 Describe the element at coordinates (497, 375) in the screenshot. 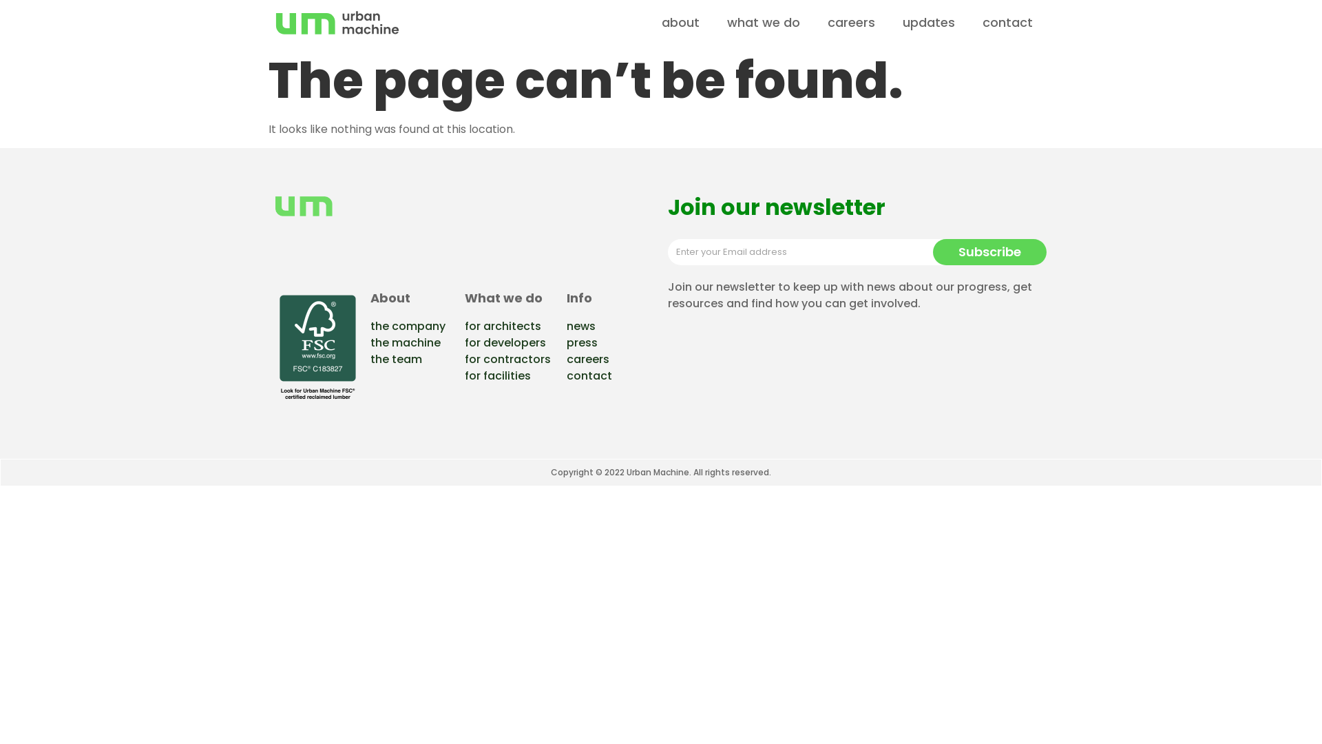

I see `'for facilities'` at that location.